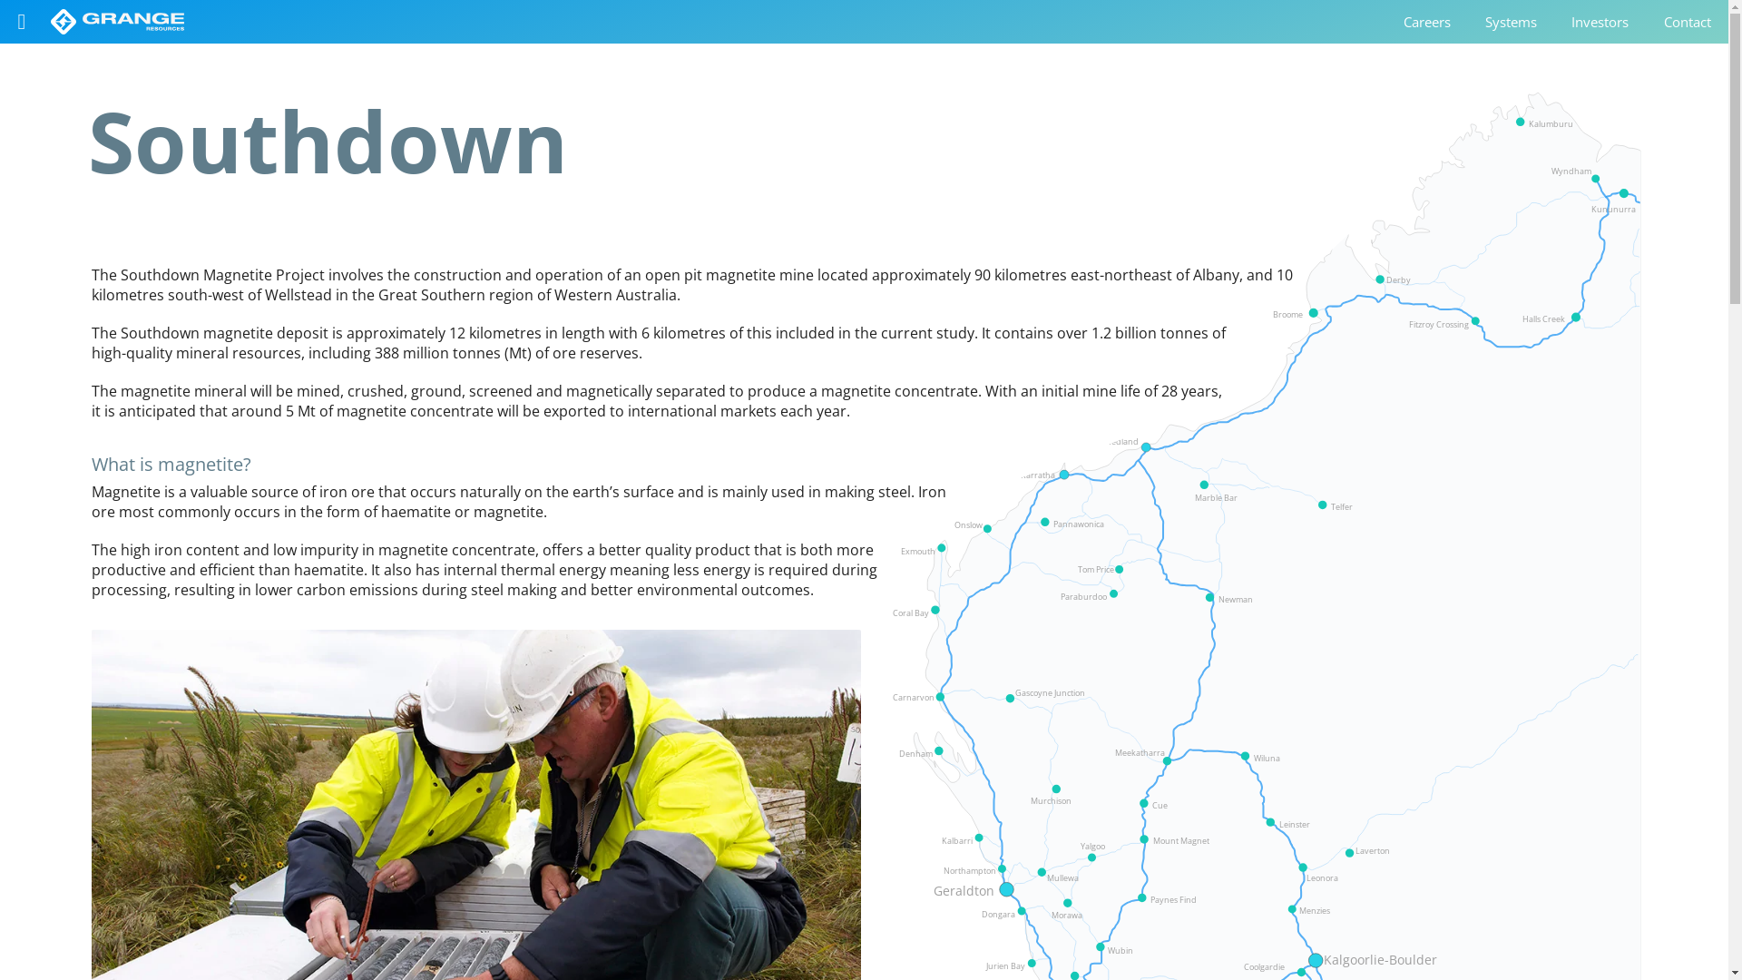  Describe the element at coordinates (1467, 21) in the screenshot. I see `'Systems'` at that location.